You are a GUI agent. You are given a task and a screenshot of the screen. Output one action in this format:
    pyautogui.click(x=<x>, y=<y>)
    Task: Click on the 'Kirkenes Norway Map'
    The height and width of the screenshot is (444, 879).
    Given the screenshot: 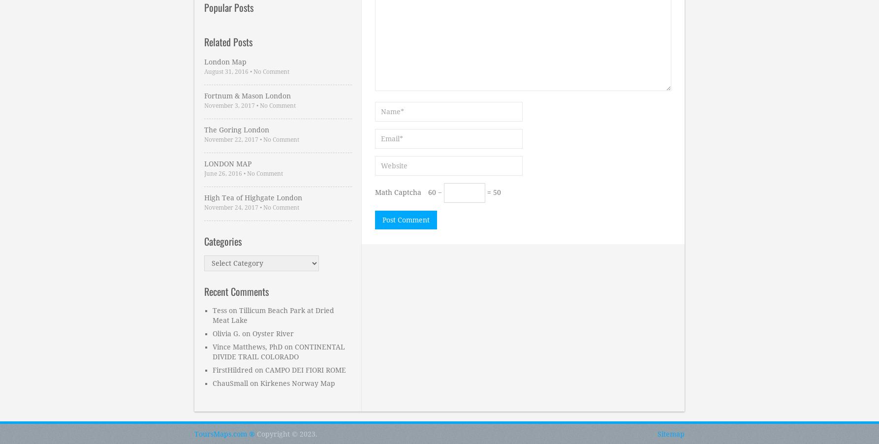 What is the action you would take?
    pyautogui.click(x=297, y=382)
    